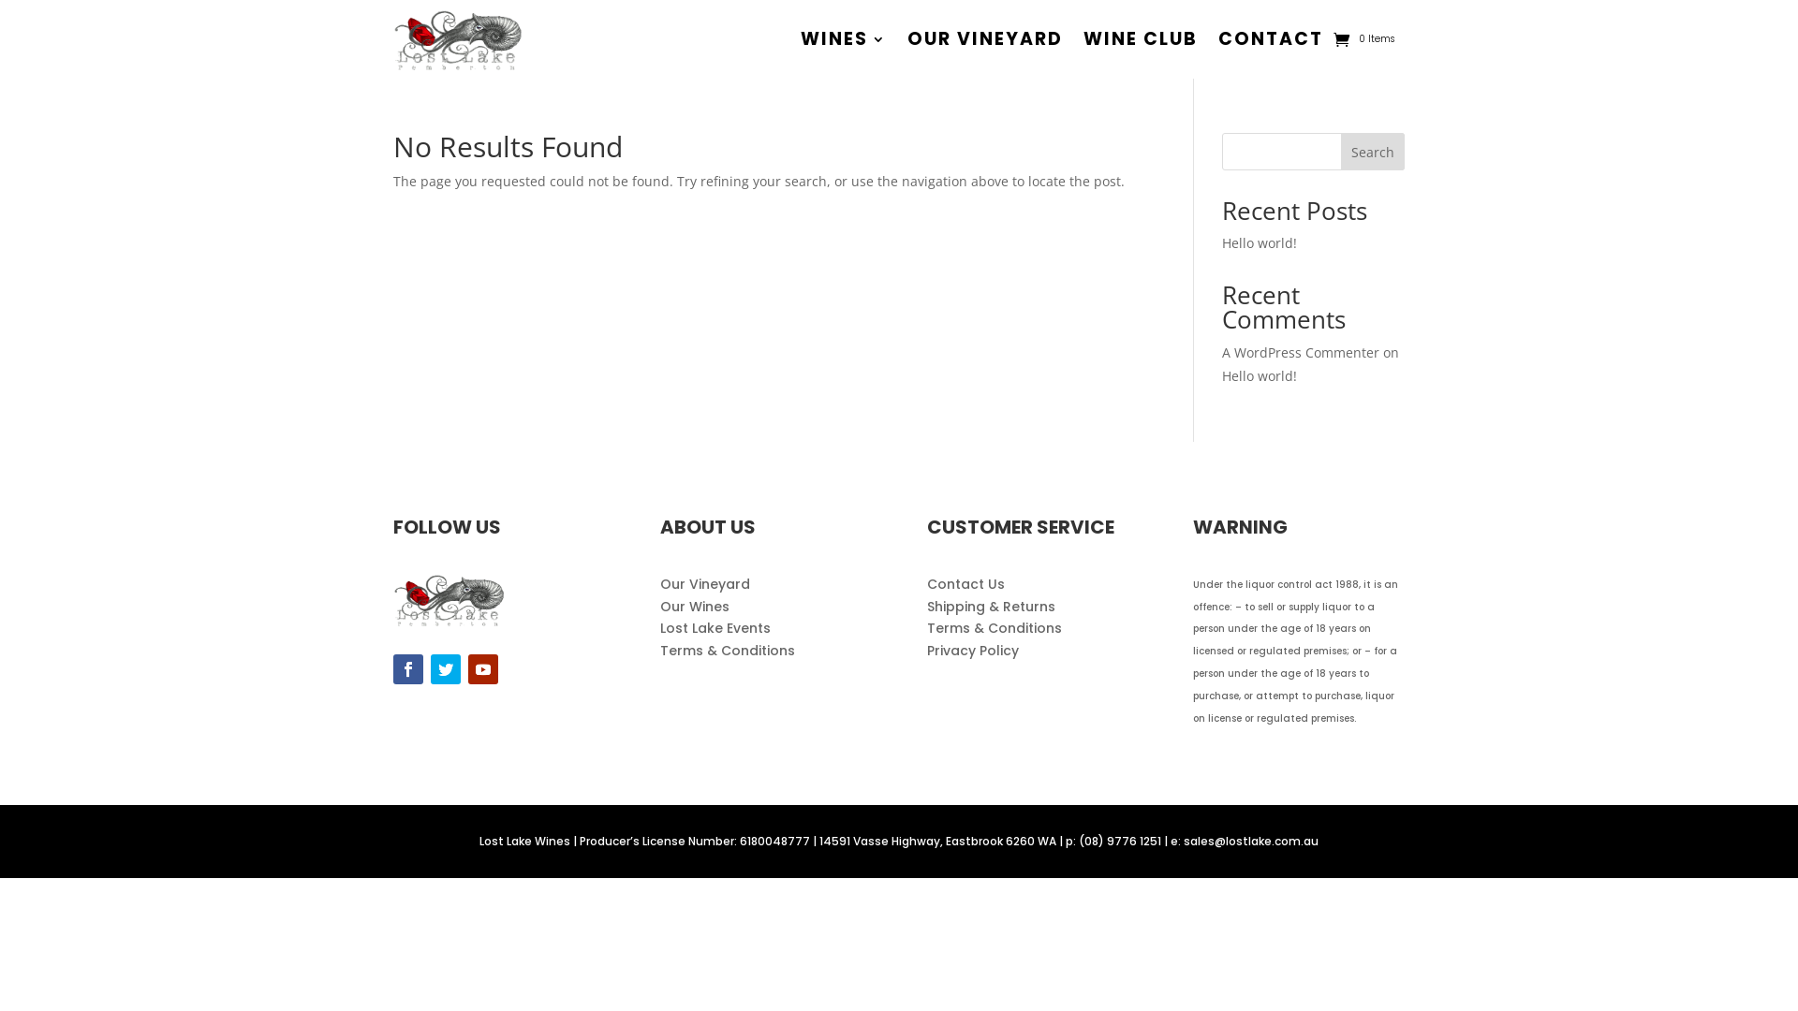  What do you see at coordinates (1259, 375) in the screenshot?
I see `'Hello world!'` at bounding box center [1259, 375].